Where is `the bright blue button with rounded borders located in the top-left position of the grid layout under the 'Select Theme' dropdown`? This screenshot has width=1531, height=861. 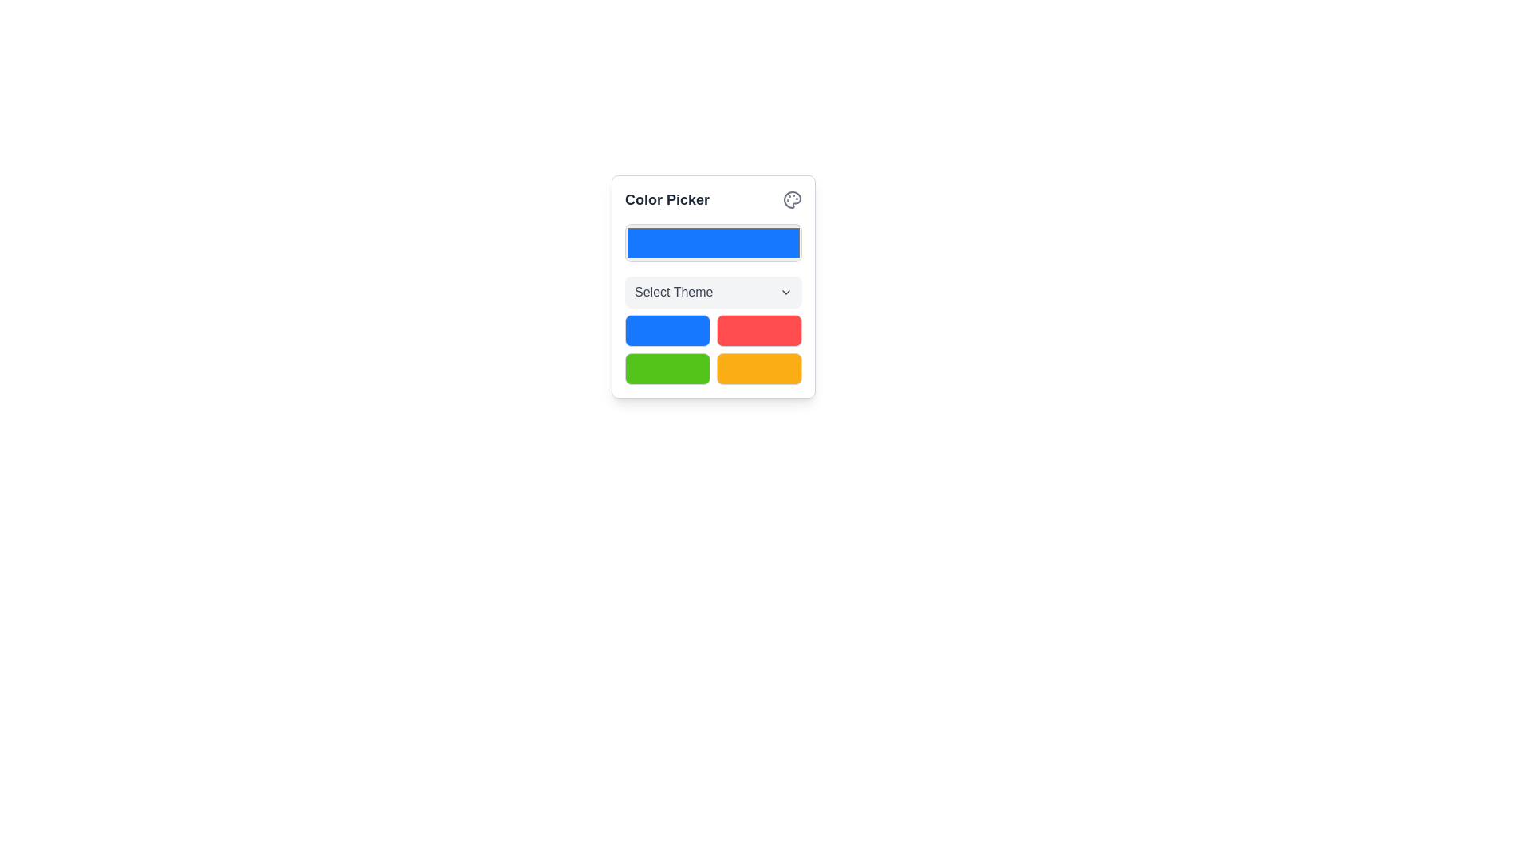 the bright blue button with rounded borders located in the top-left position of the grid layout under the 'Select Theme' dropdown is located at coordinates (667, 330).